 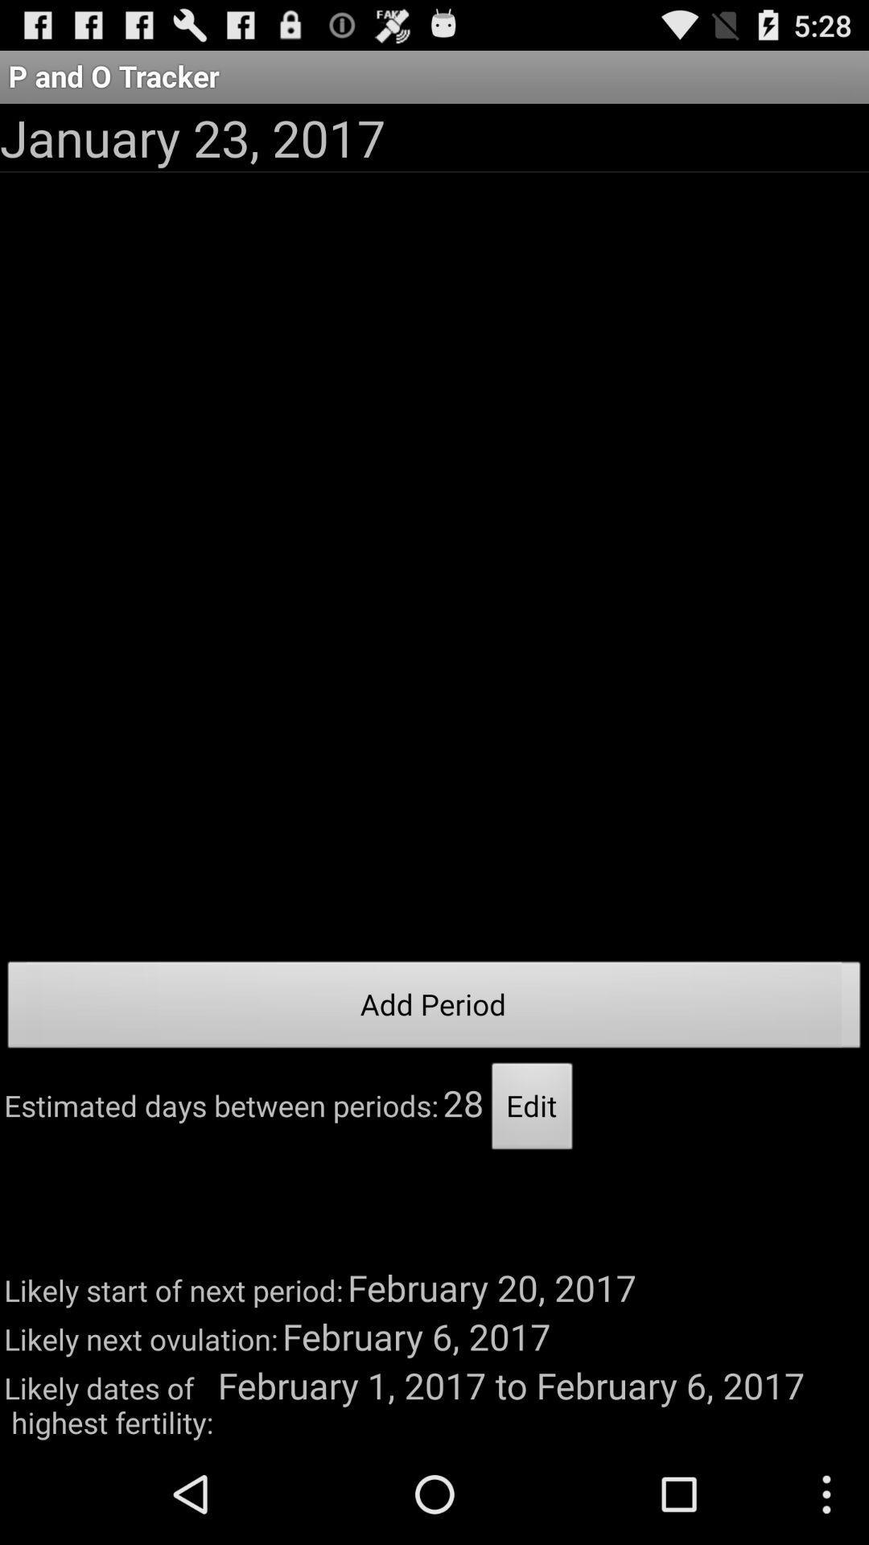 What do you see at coordinates (192, 138) in the screenshot?
I see `january 23, 2017 icon` at bounding box center [192, 138].